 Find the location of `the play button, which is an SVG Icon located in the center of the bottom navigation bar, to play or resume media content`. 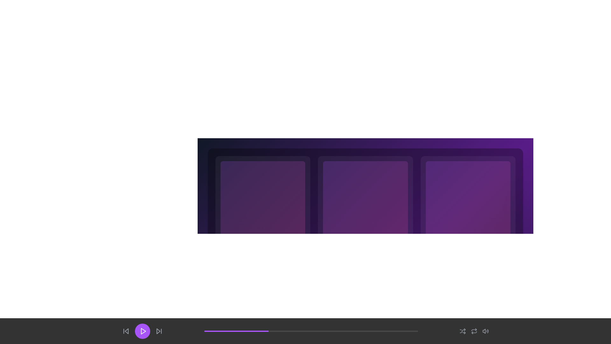

the play button, which is an SVG Icon located in the center of the bottom navigation bar, to play or resume media content is located at coordinates (143, 331).